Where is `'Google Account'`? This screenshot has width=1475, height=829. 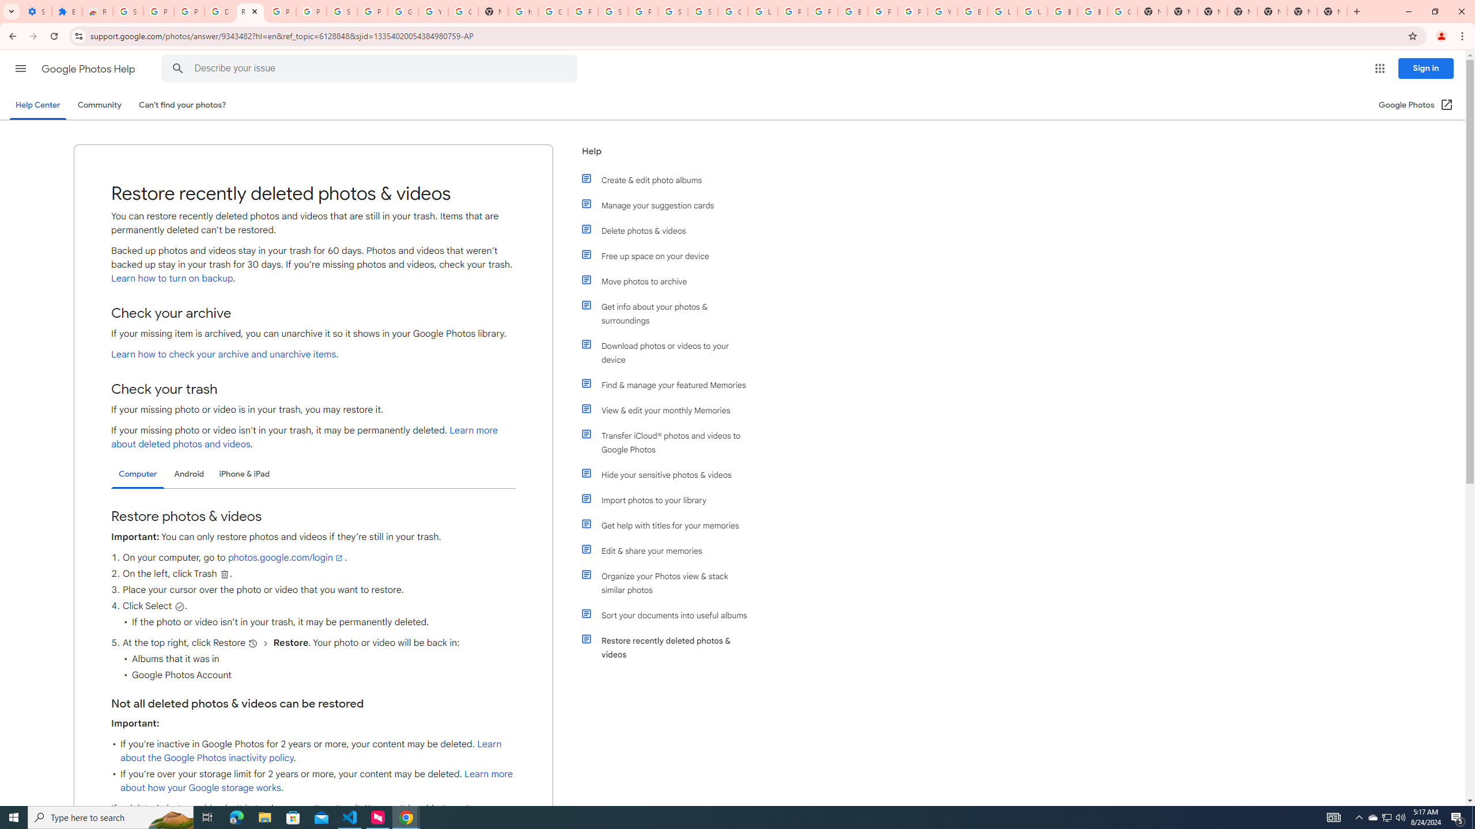
'Google Account' is located at coordinates (402, 11).